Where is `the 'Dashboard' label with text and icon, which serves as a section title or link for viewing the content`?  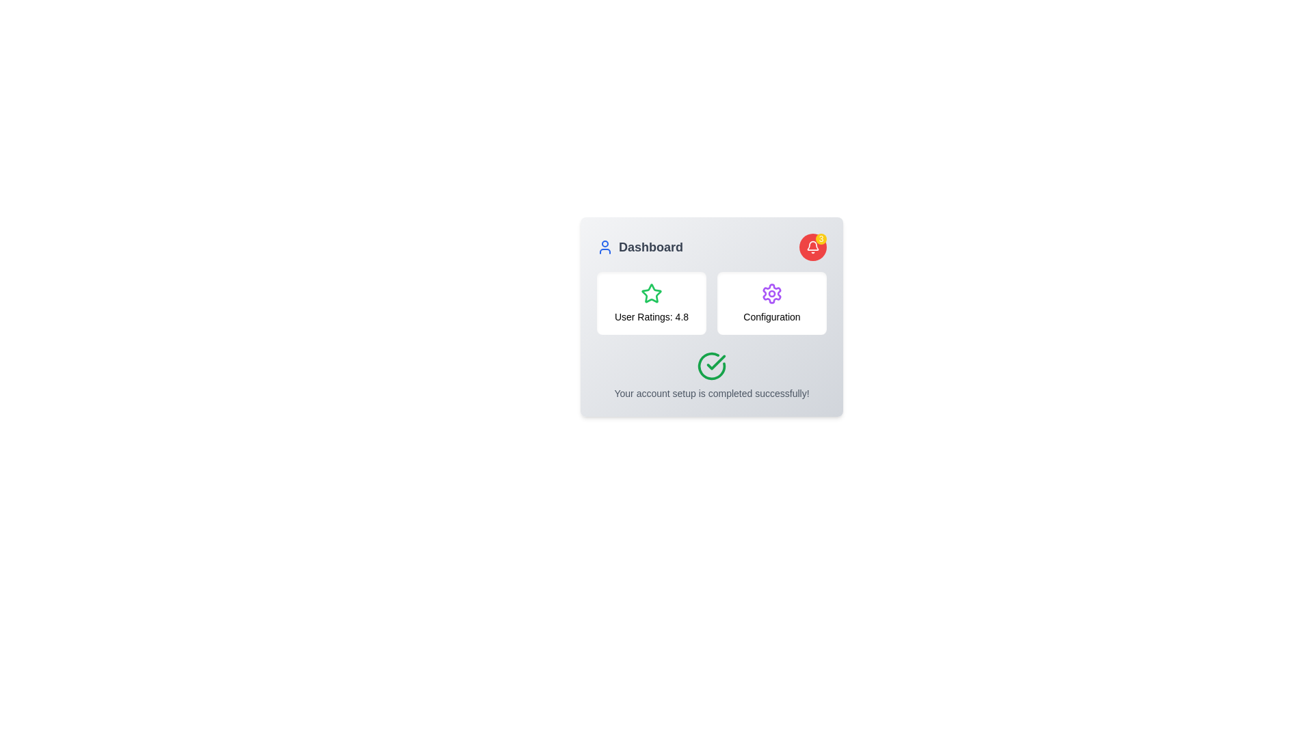 the 'Dashboard' label with text and icon, which serves as a section title or link for viewing the content is located at coordinates (639, 247).